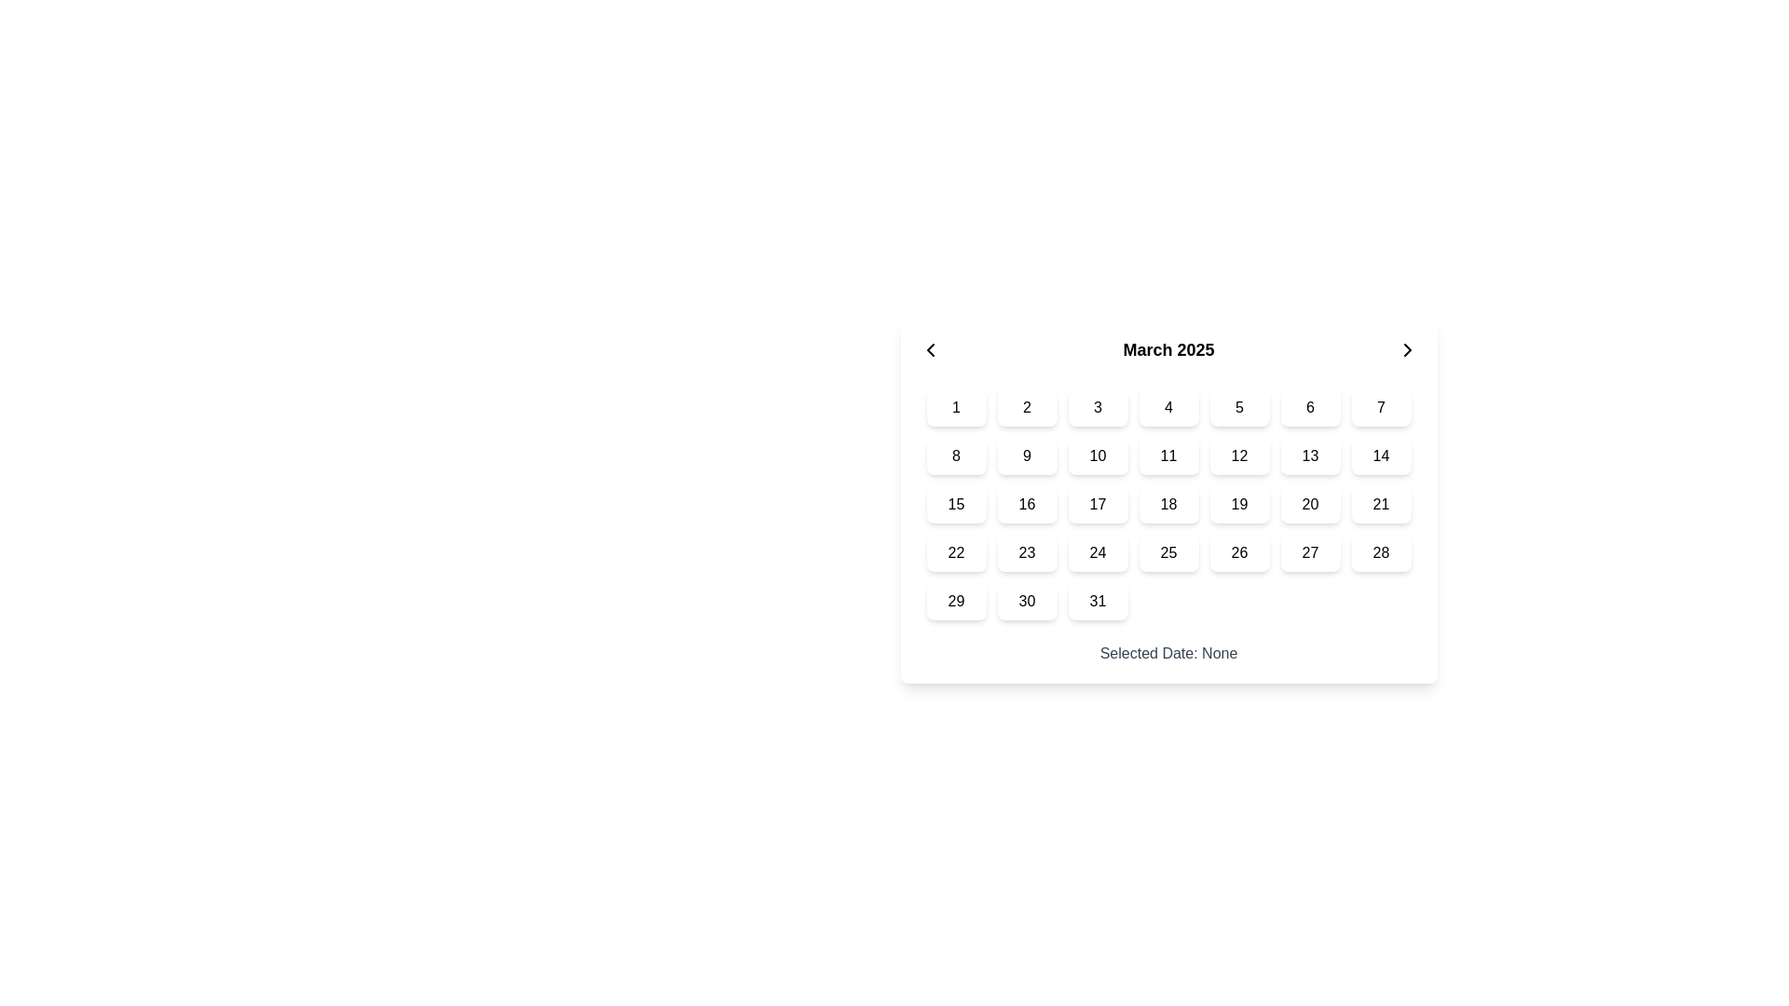 Image resolution: width=1789 pixels, height=1006 pixels. What do you see at coordinates (1026, 455) in the screenshot?
I see `the rounded rectangular button with a white background and the text '9' in black, which is the second item in the second row of a 7-column grid layout` at bounding box center [1026, 455].